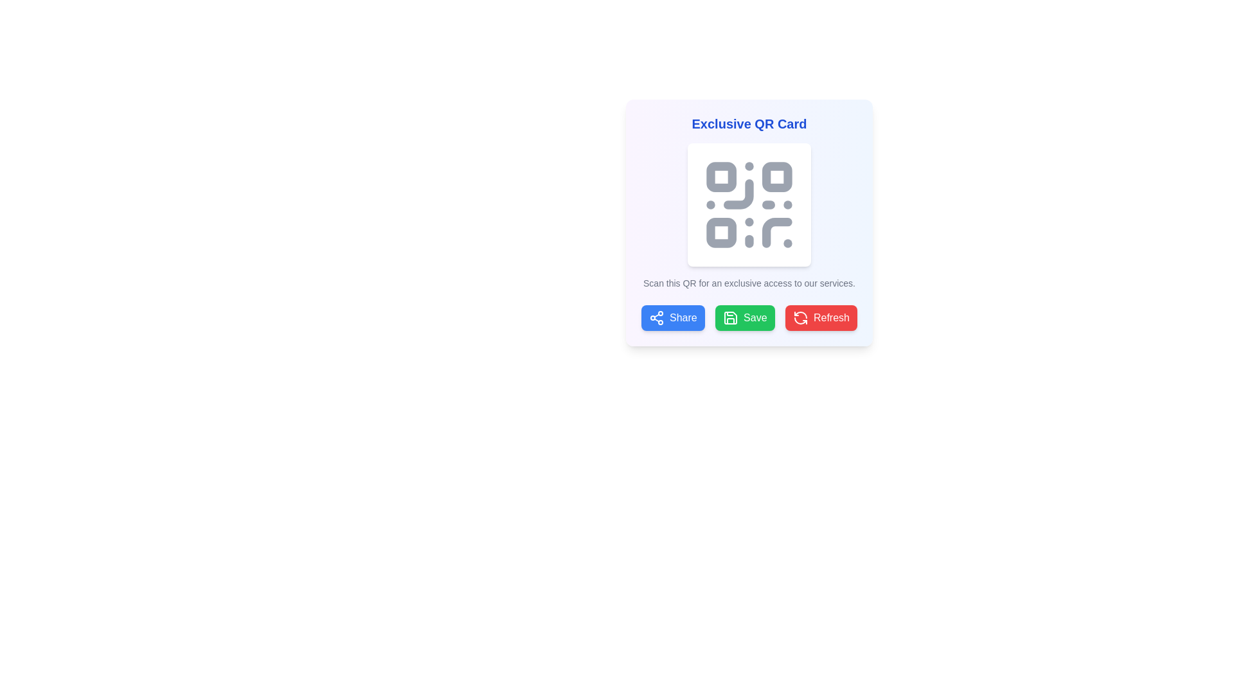 This screenshot has height=694, width=1234. What do you see at coordinates (749, 123) in the screenshot?
I see `the Heading element that serves as the title for the QR card interface, located at the top-central part of the interface` at bounding box center [749, 123].